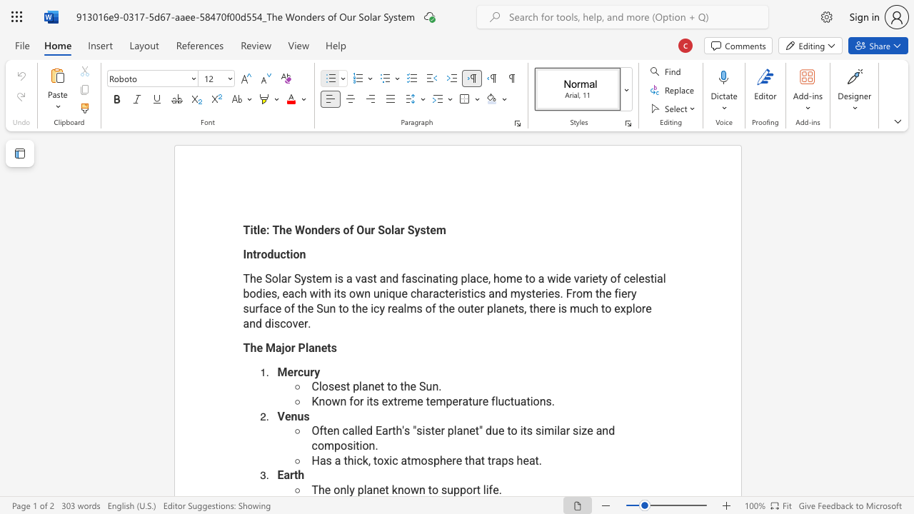 The width and height of the screenshot is (914, 514). What do you see at coordinates (419, 460) in the screenshot?
I see `the space between the continuous character "m" and "o" in the text` at bounding box center [419, 460].